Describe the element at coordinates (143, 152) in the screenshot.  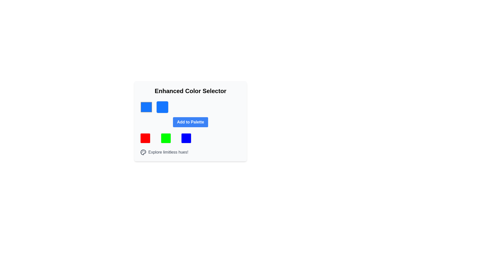
I see `the palette icon base located at the bottom-left corner of the interface, which is distinguished by its semi-circular shape and small circular areas representing paint colors` at that location.